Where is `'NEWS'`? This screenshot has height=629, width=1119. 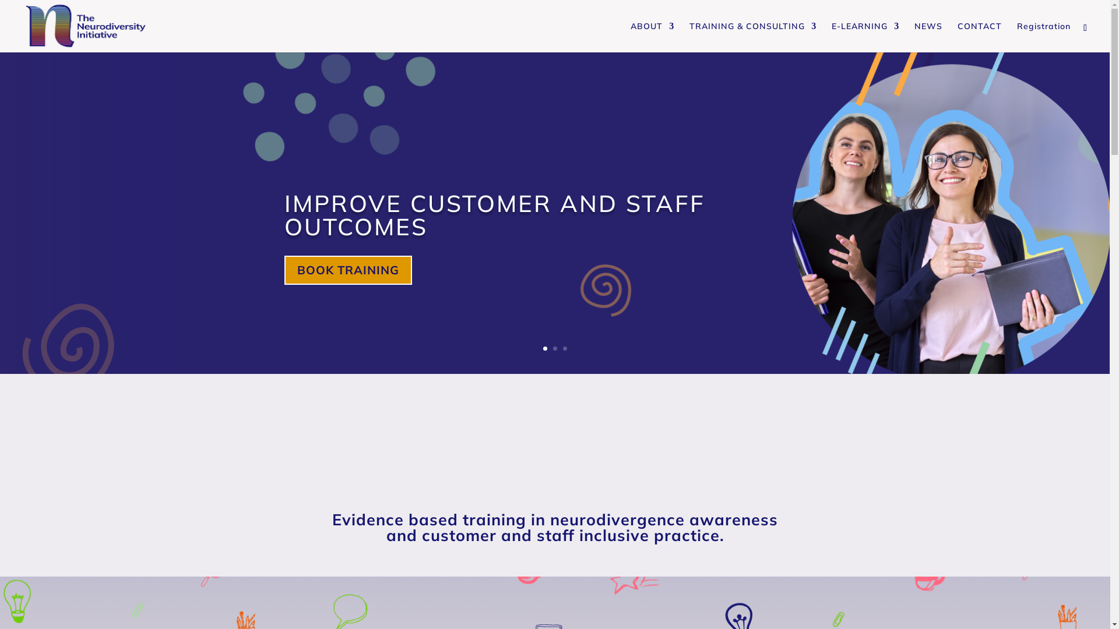
'NEWS' is located at coordinates (928, 37).